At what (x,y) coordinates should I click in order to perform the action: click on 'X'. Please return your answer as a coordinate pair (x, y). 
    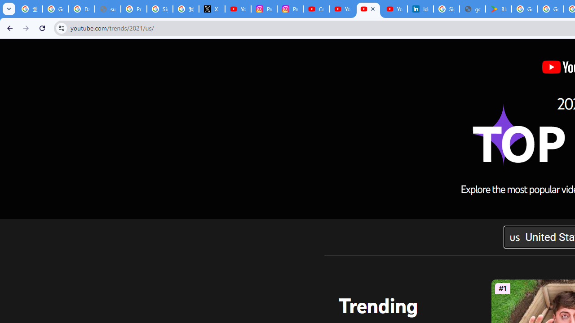
    Looking at the image, I should click on (211, 9).